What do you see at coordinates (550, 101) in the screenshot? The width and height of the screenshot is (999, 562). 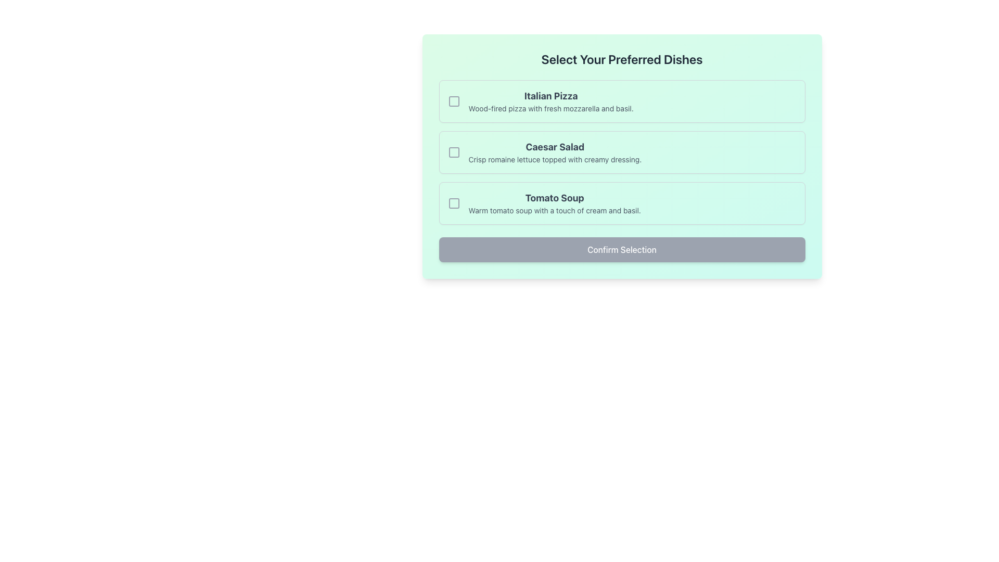 I see `the text display element that shows the title 'Italian Pizza' and its description 'Wood-fired pizza with fresh mozzarella and basil.'` at bounding box center [550, 101].